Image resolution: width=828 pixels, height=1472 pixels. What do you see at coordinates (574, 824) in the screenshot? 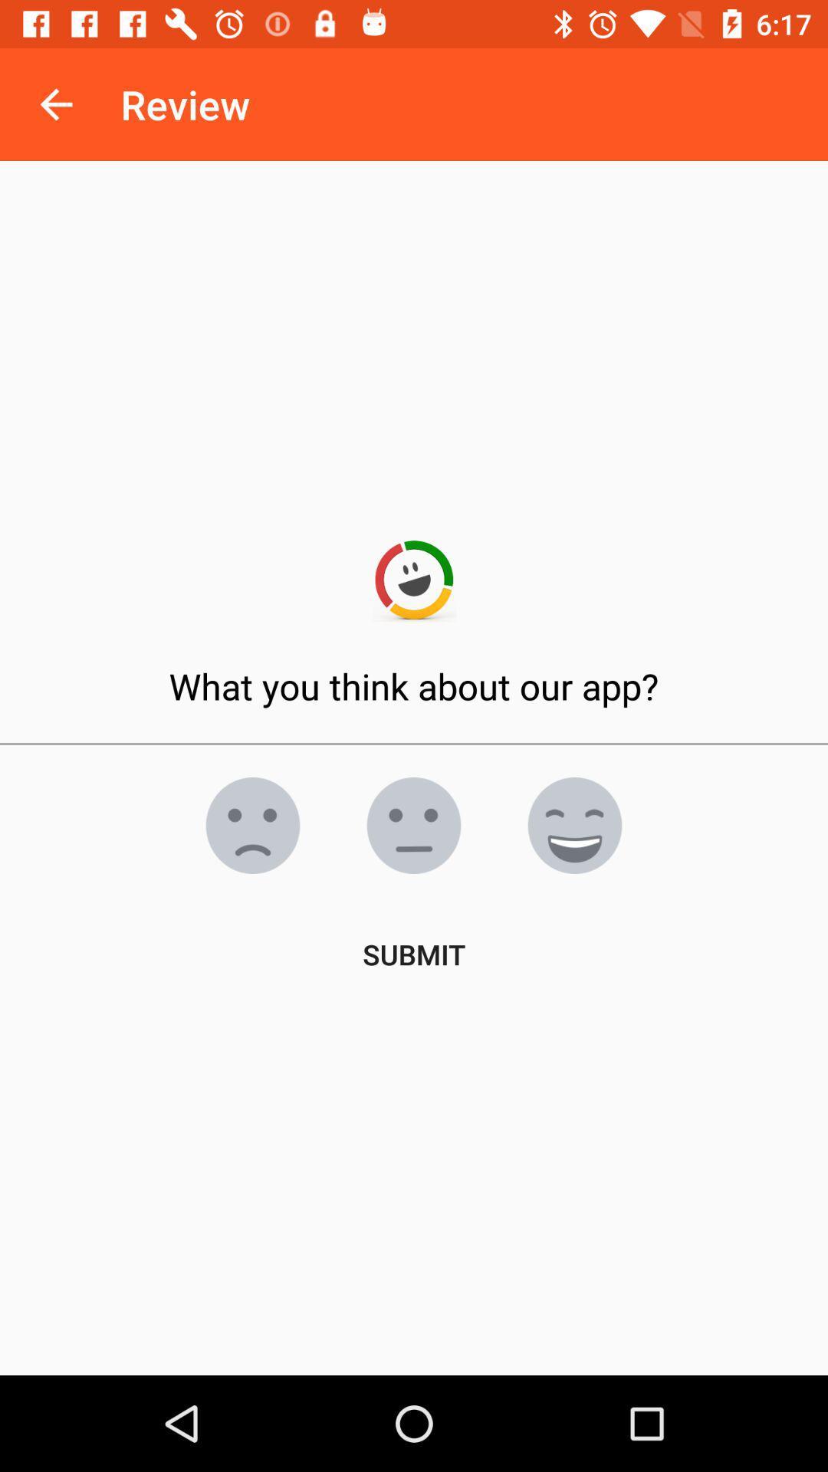
I see `the item on the right` at bounding box center [574, 824].